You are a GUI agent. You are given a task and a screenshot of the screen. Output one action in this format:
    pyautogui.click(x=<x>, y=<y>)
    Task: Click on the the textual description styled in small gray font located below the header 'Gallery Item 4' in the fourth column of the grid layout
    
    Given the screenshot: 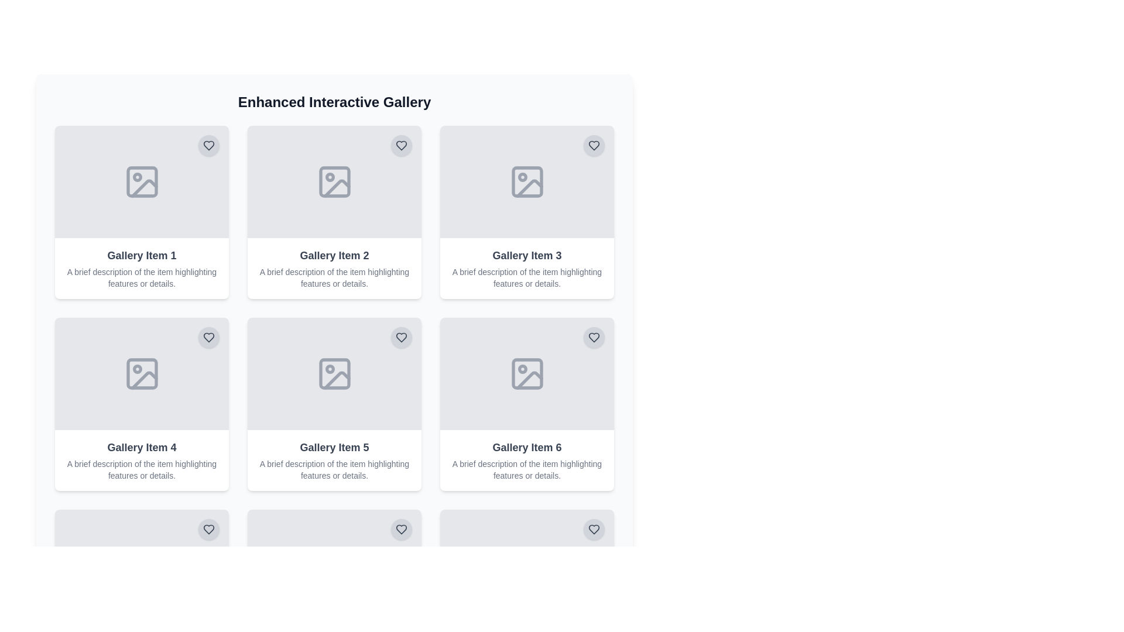 What is the action you would take?
    pyautogui.click(x=141, y=469)
    